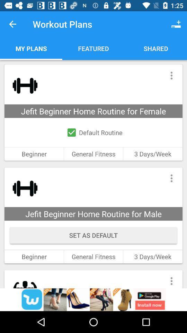 This screenshot has width=187, height=333. What do you see at coordinates (176, 24) in the screenshot?
I see `the icon shown at the top right cornerof the page` at bounding box center [176, 24].